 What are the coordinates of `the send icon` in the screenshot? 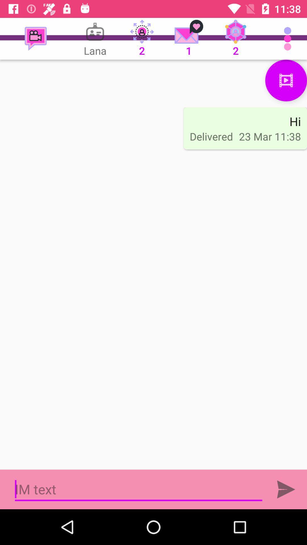 It's located at (286, 489).